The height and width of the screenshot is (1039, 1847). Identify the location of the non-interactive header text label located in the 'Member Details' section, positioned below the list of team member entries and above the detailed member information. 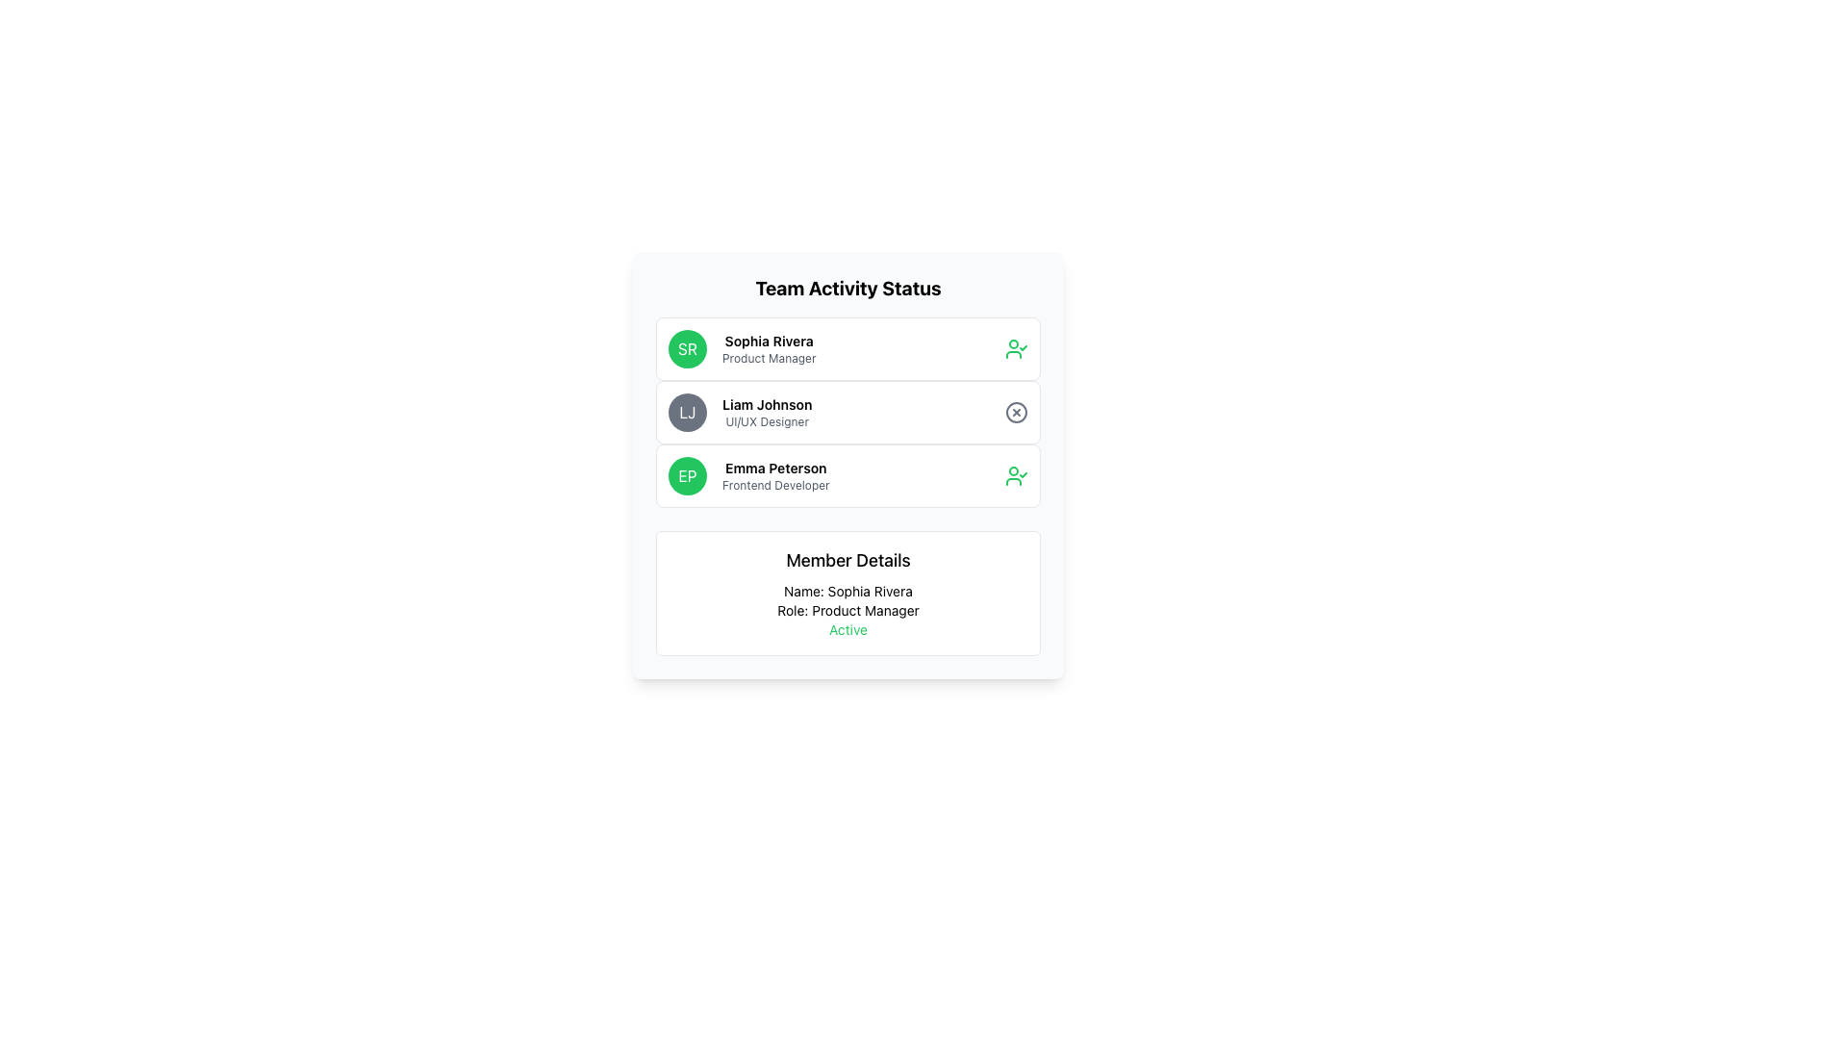
(848, 560).